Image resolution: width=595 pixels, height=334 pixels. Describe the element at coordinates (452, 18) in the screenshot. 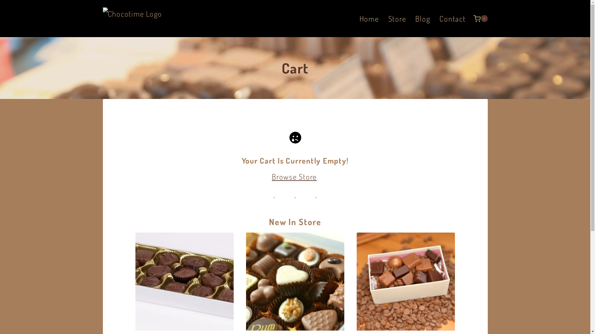

I see `'Contact'` at that location.